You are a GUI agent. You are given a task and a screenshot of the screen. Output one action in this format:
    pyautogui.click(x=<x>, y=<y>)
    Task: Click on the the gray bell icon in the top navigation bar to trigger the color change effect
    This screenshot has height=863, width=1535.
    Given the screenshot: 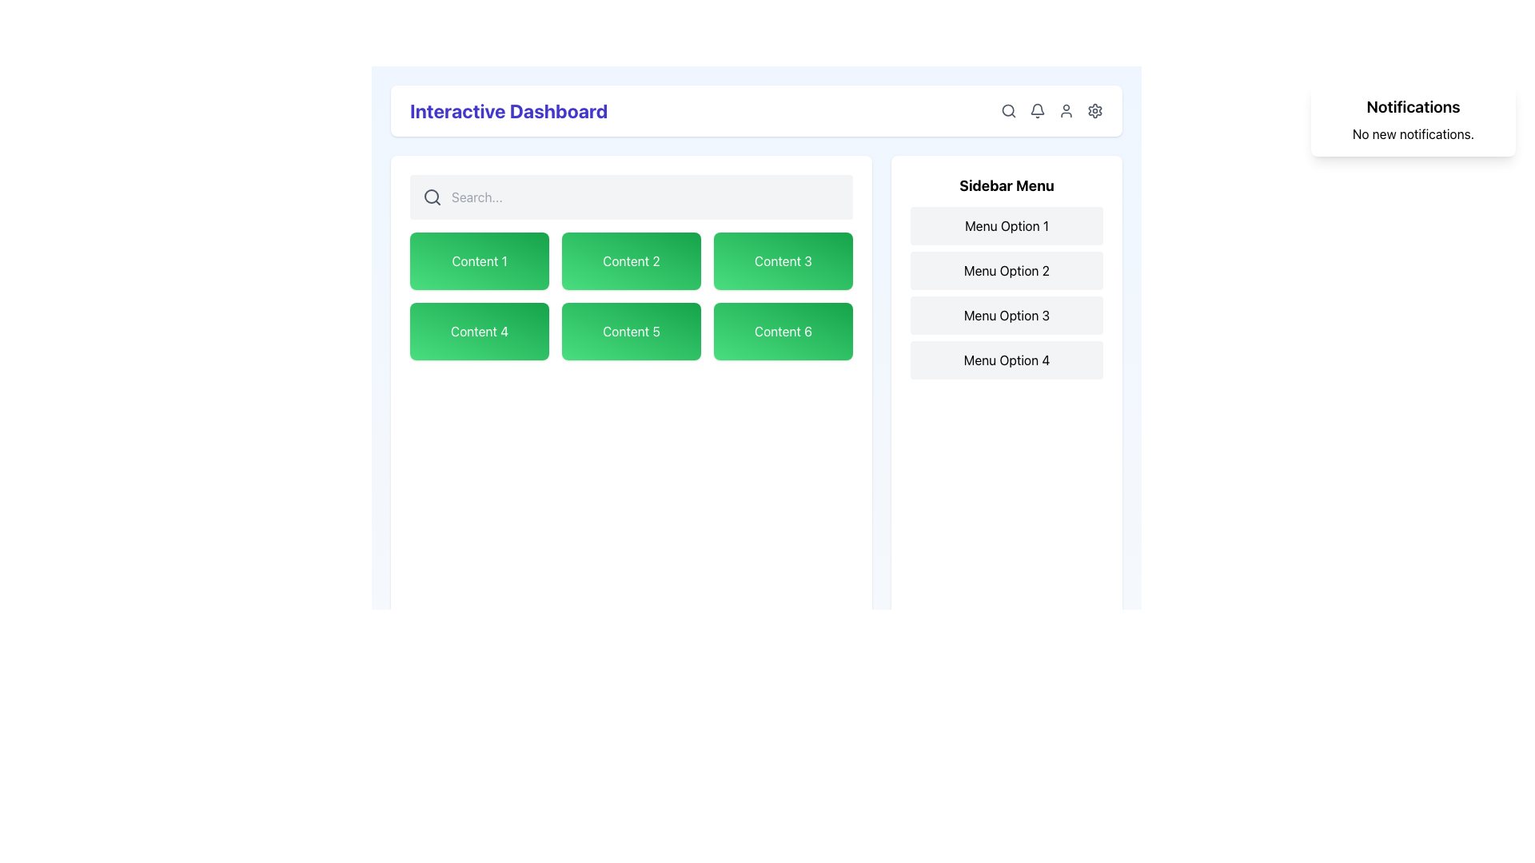 What is the action you would take?
    pyautogui.click(x=1037, y=109)
    